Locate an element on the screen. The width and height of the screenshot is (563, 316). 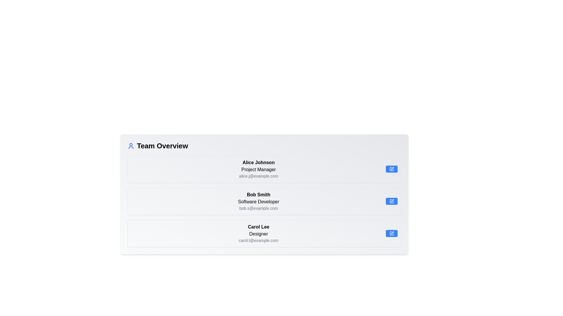
the blue rectangular button with a pen icon in the top-right corner of Alice Johnson's details card is located at coordinates (391, 169).